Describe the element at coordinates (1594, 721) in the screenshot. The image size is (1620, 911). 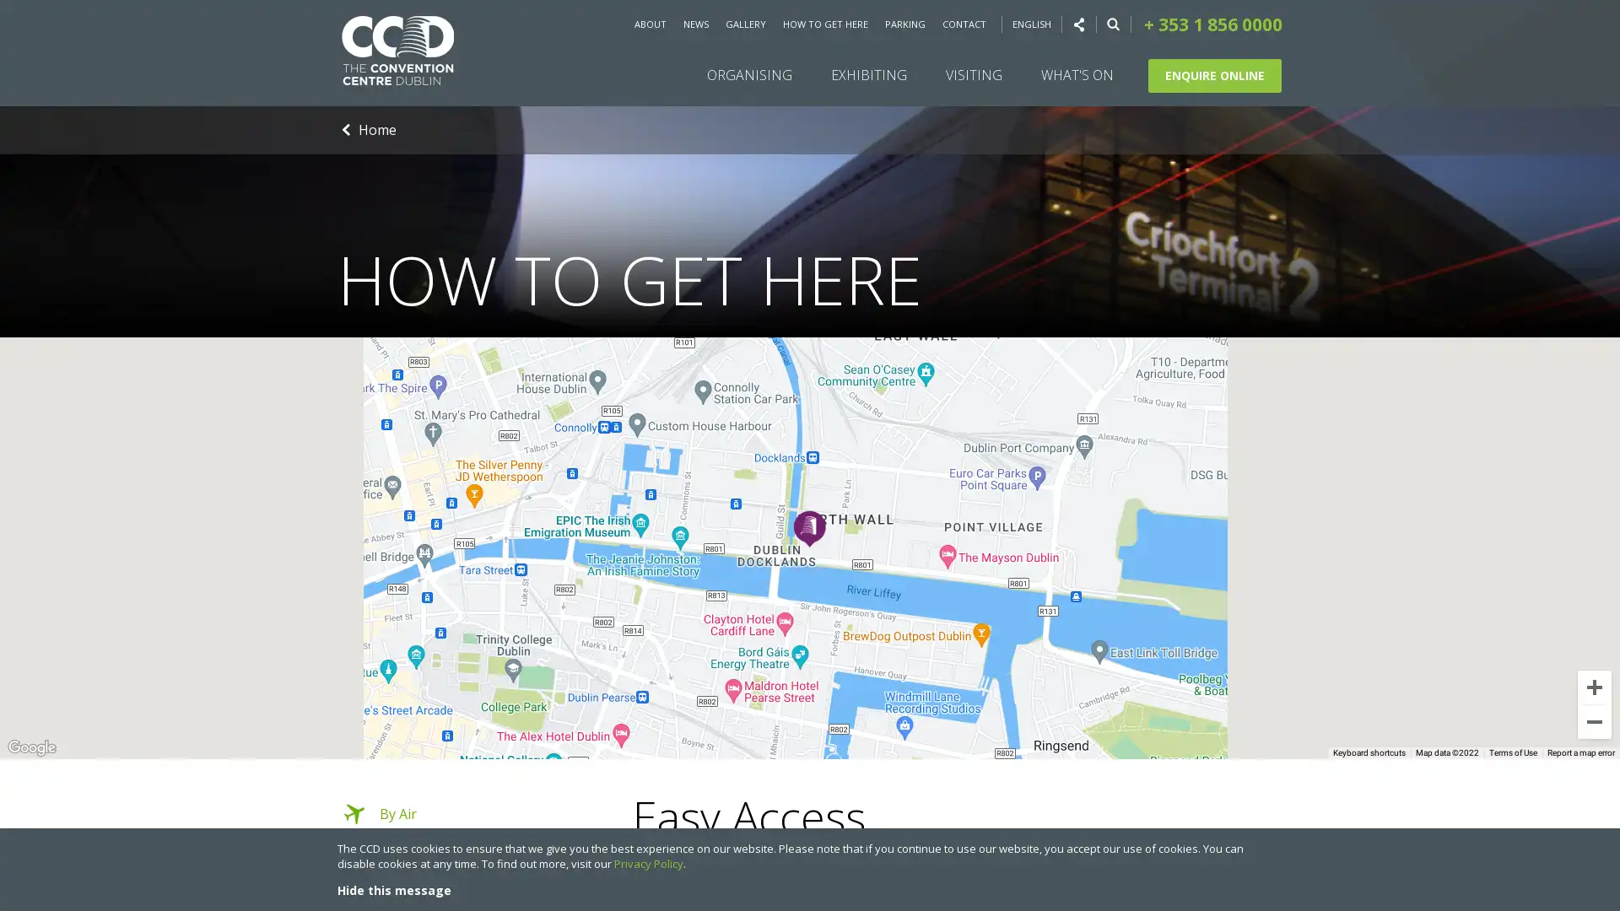
I see `Zoom out` at that location.